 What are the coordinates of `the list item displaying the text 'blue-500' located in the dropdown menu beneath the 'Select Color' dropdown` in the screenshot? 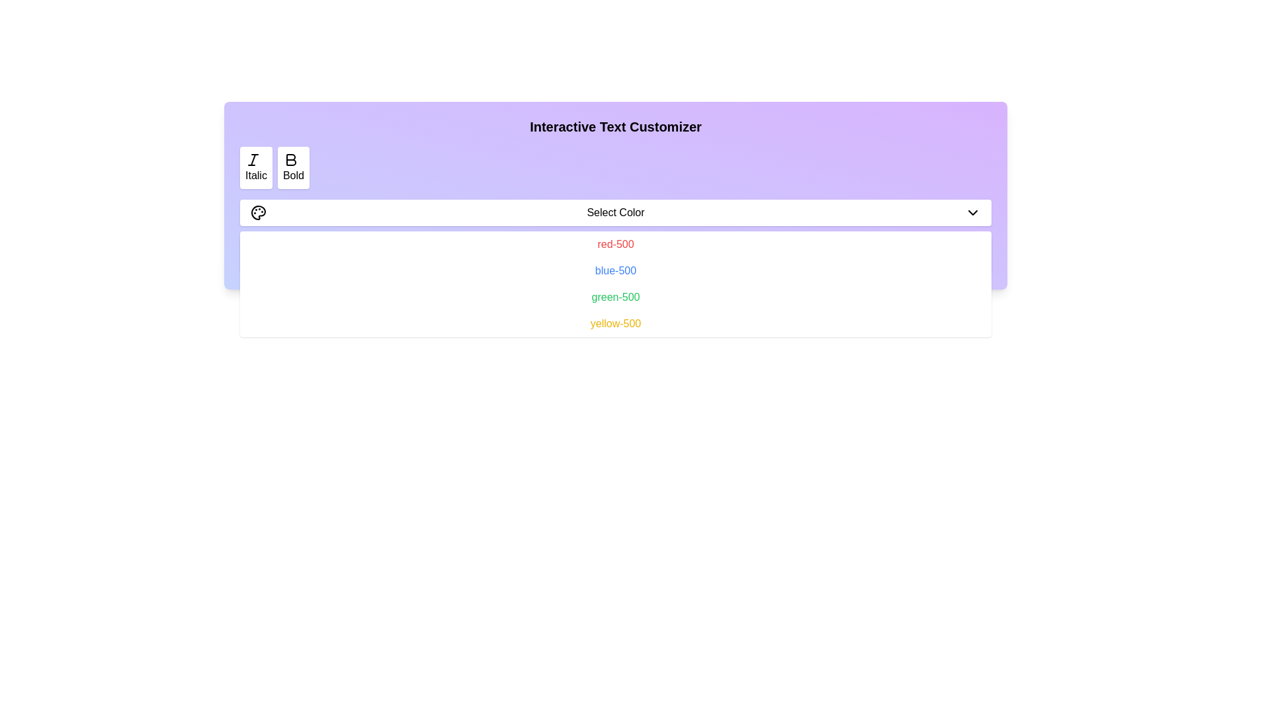 It's located at (615, 270).